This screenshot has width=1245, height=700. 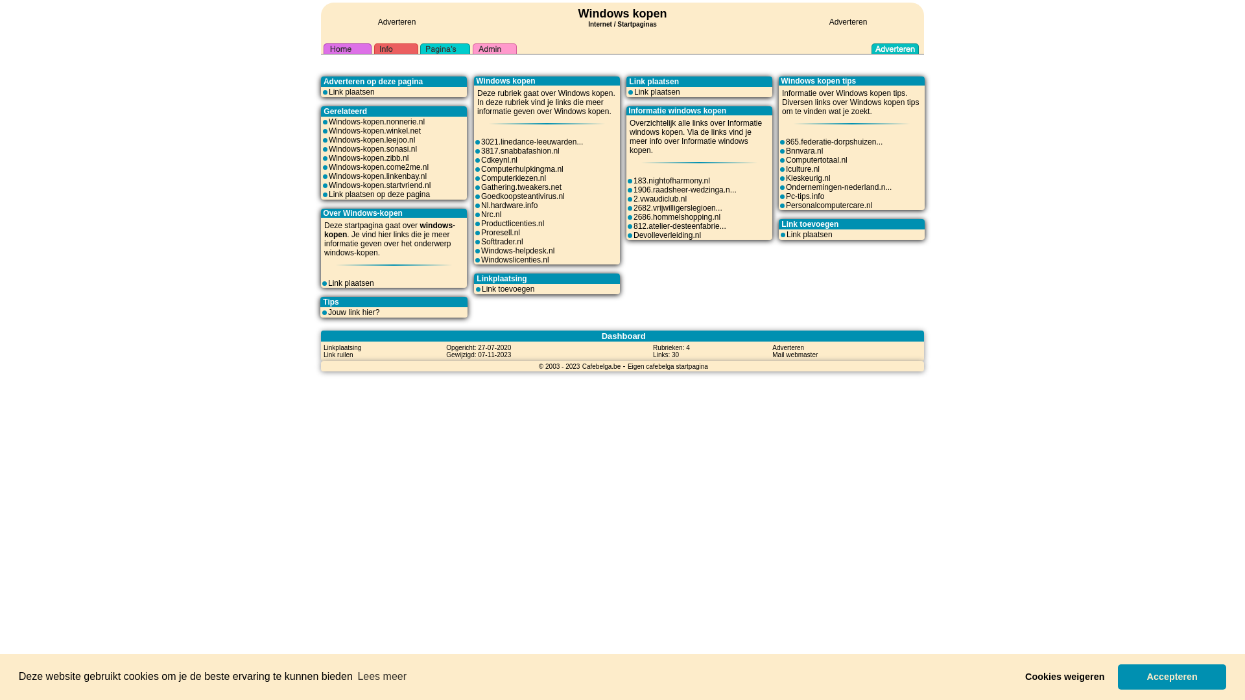 I want to click on 'Lees meer', so click(x=355, y=676).